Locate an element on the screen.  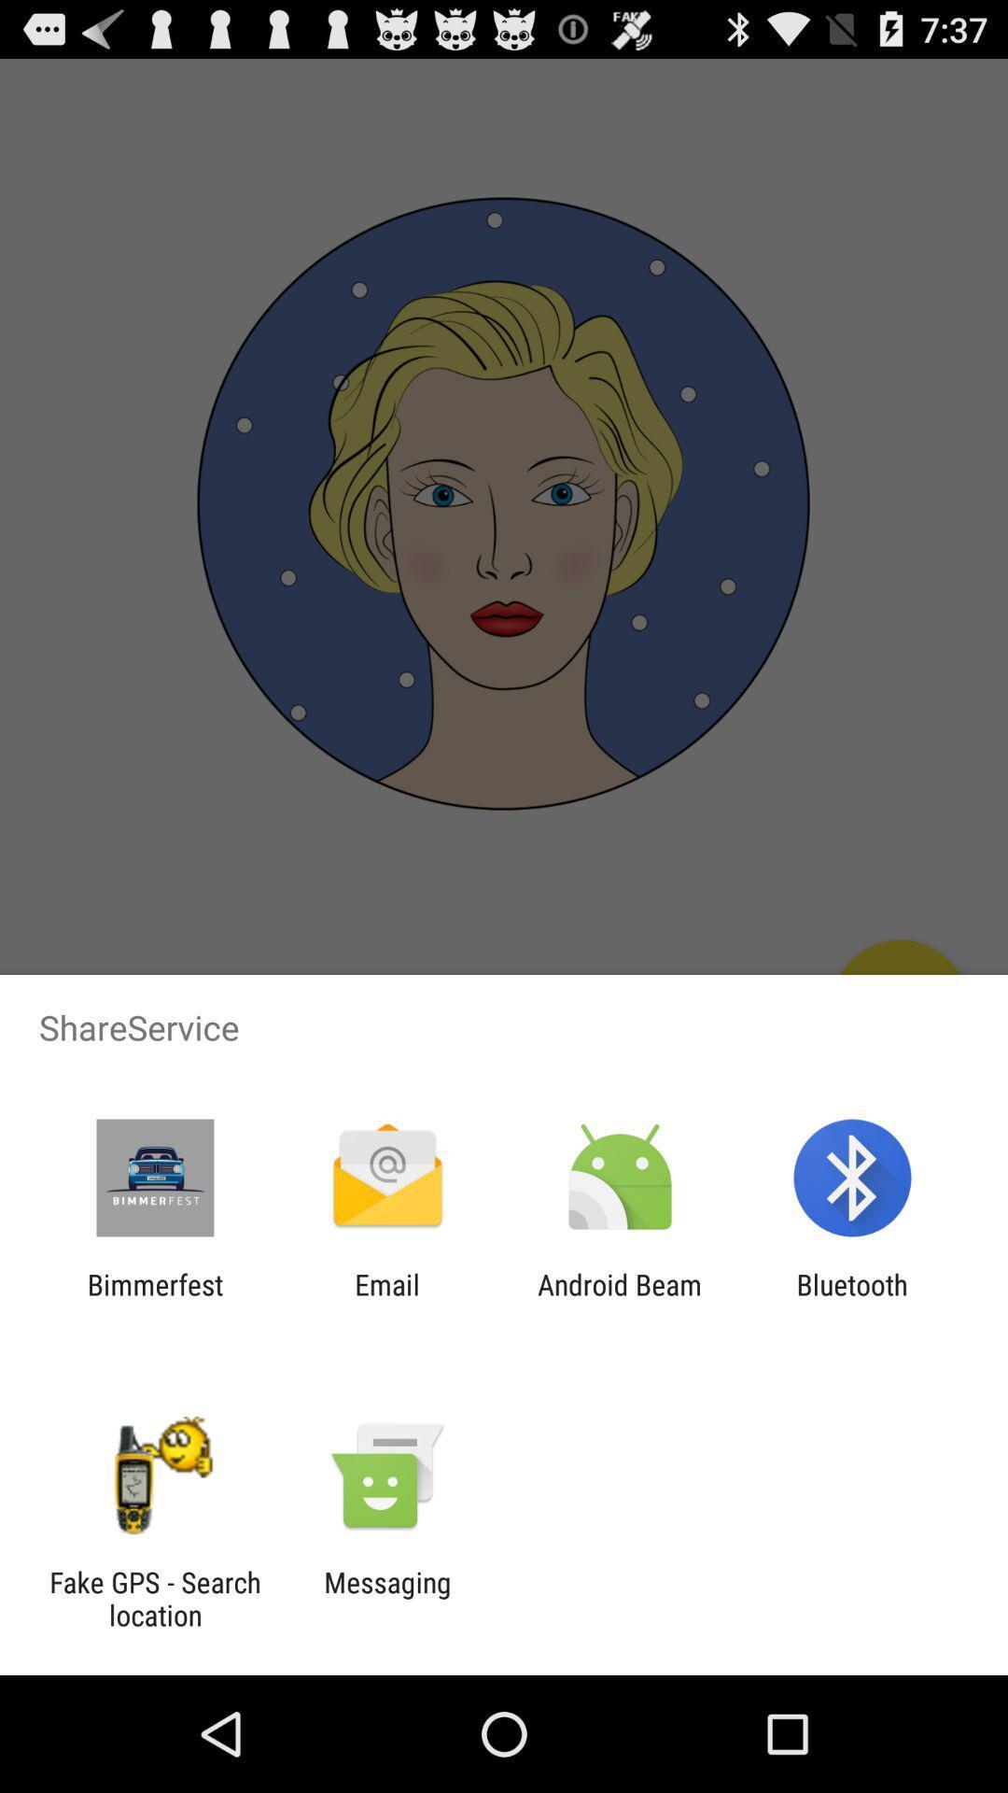
the messaging item is located at coordinates (386, 1598).